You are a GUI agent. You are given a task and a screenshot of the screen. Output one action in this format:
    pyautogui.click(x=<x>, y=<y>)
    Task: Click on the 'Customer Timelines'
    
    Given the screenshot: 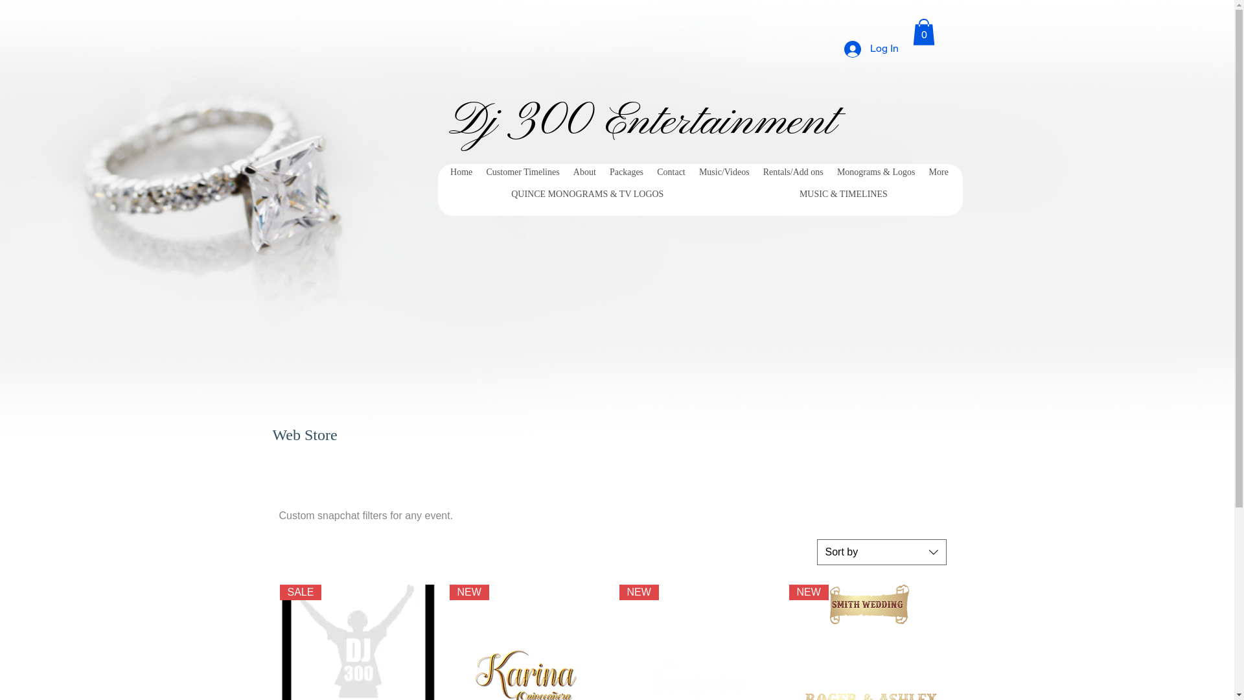 What is the action you would take?
    pyautogui.click(x=478, y=172)
    